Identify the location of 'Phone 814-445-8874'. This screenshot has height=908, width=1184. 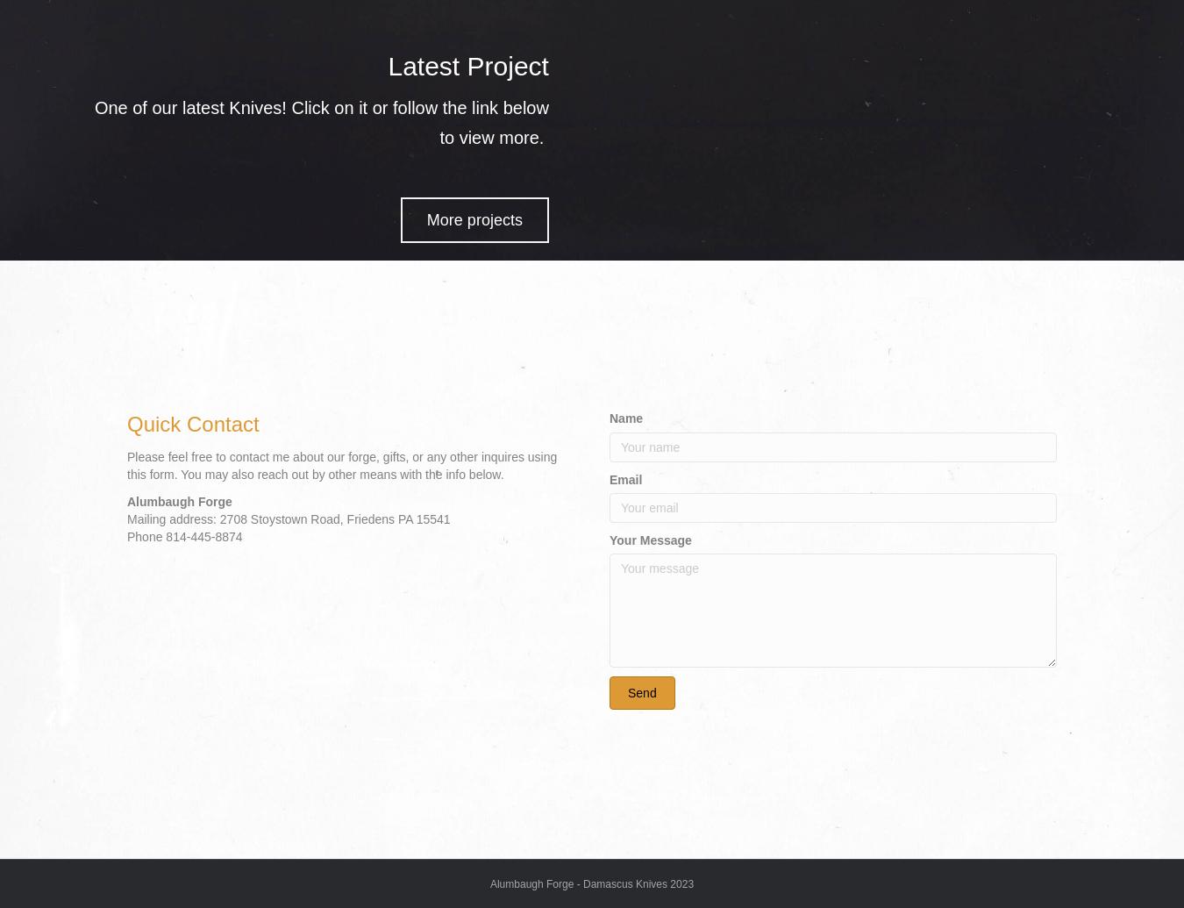
(186, 535).